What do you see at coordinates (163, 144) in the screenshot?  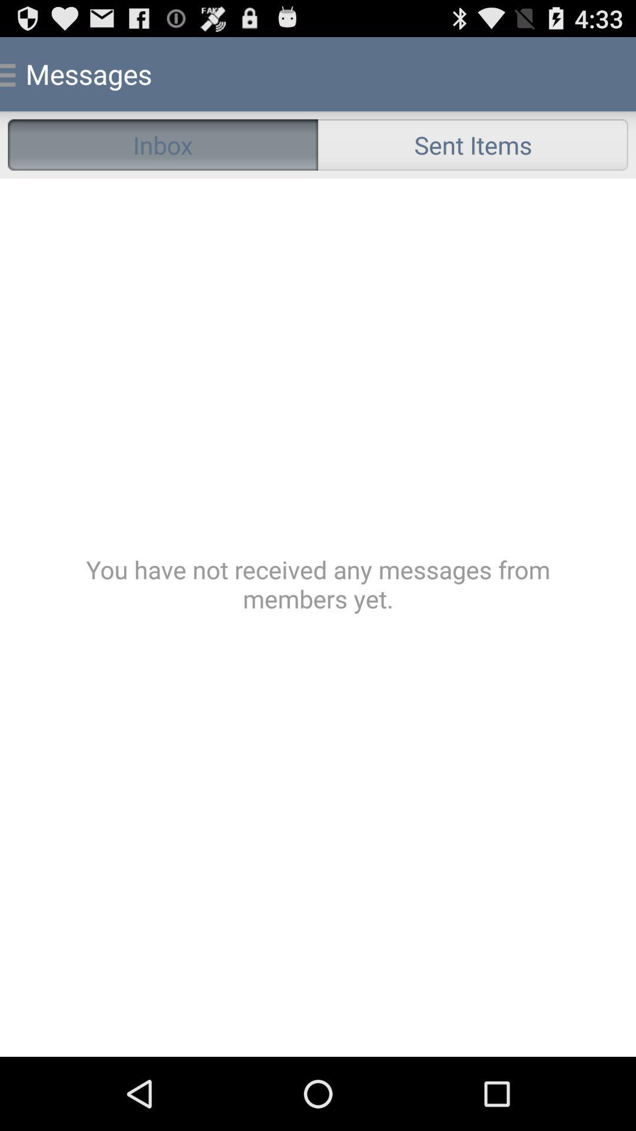 I see `the item next to sent items radio button` at bounding box center [163, 144].